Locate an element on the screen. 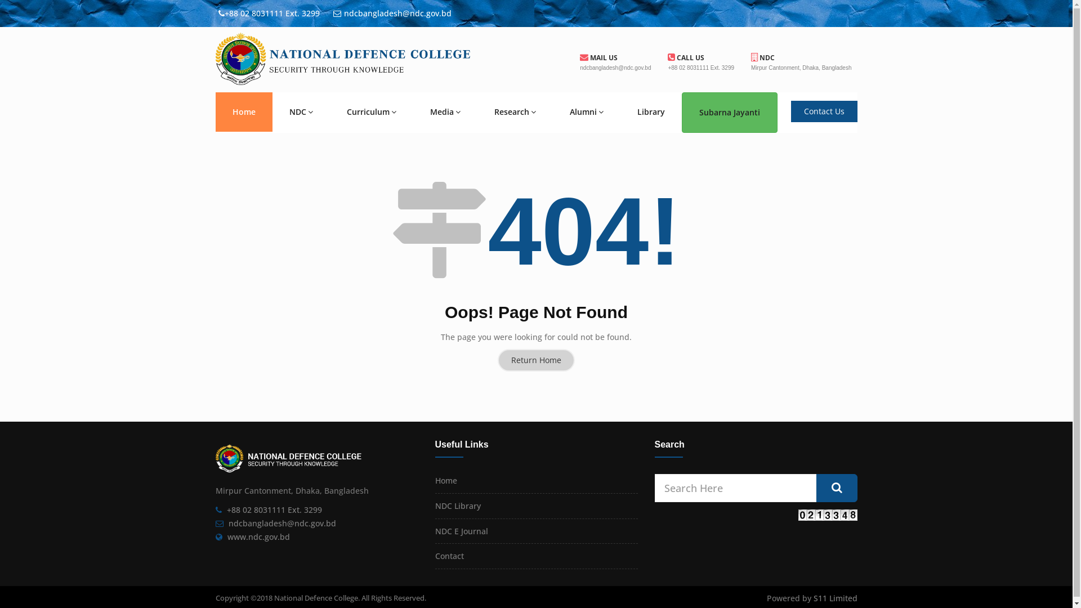  'S11 Limited' is located at coordinates (835, 597).